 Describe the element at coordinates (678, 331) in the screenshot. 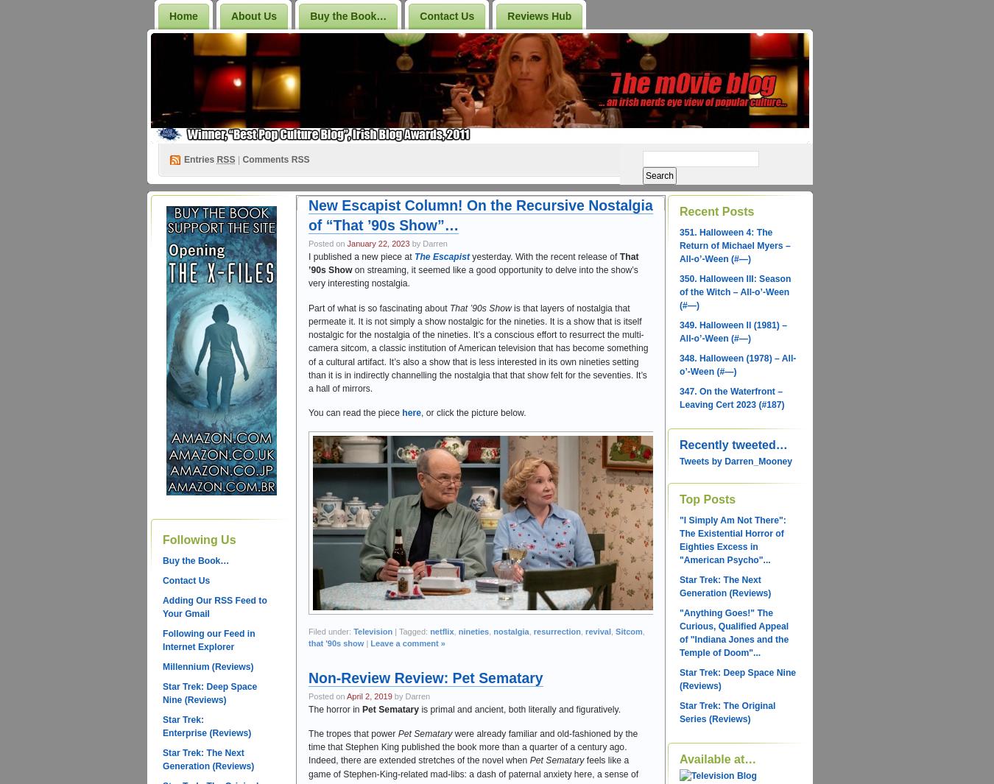

I see `'349. Halloween II (1981) – All-o’-Ween (#—)'` at that location.